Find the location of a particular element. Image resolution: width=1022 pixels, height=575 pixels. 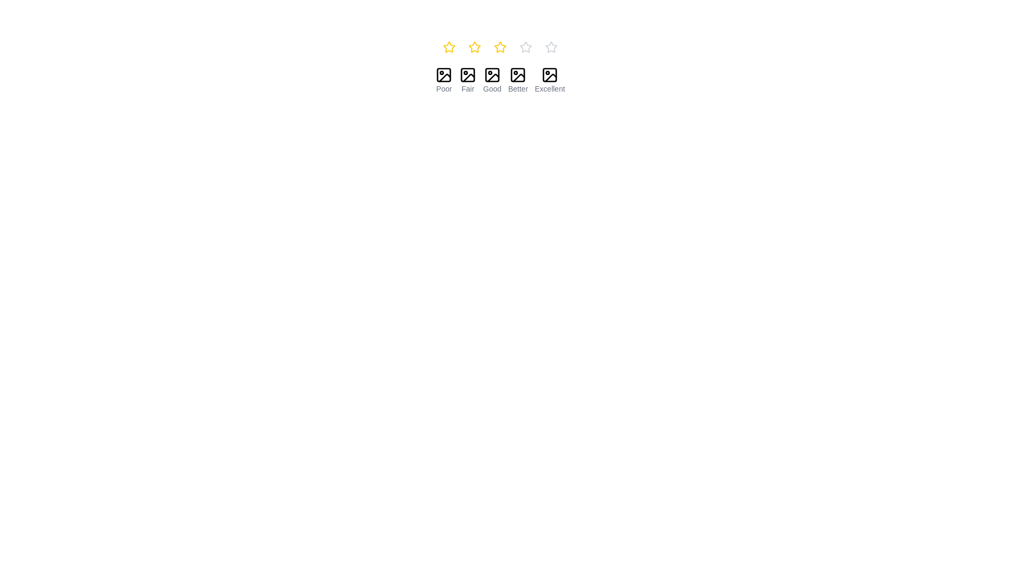

the first rating item labeled 'Poor' in the rating system, which is part of a horizontal group of five rating elements is located at coordinates (444, 79).